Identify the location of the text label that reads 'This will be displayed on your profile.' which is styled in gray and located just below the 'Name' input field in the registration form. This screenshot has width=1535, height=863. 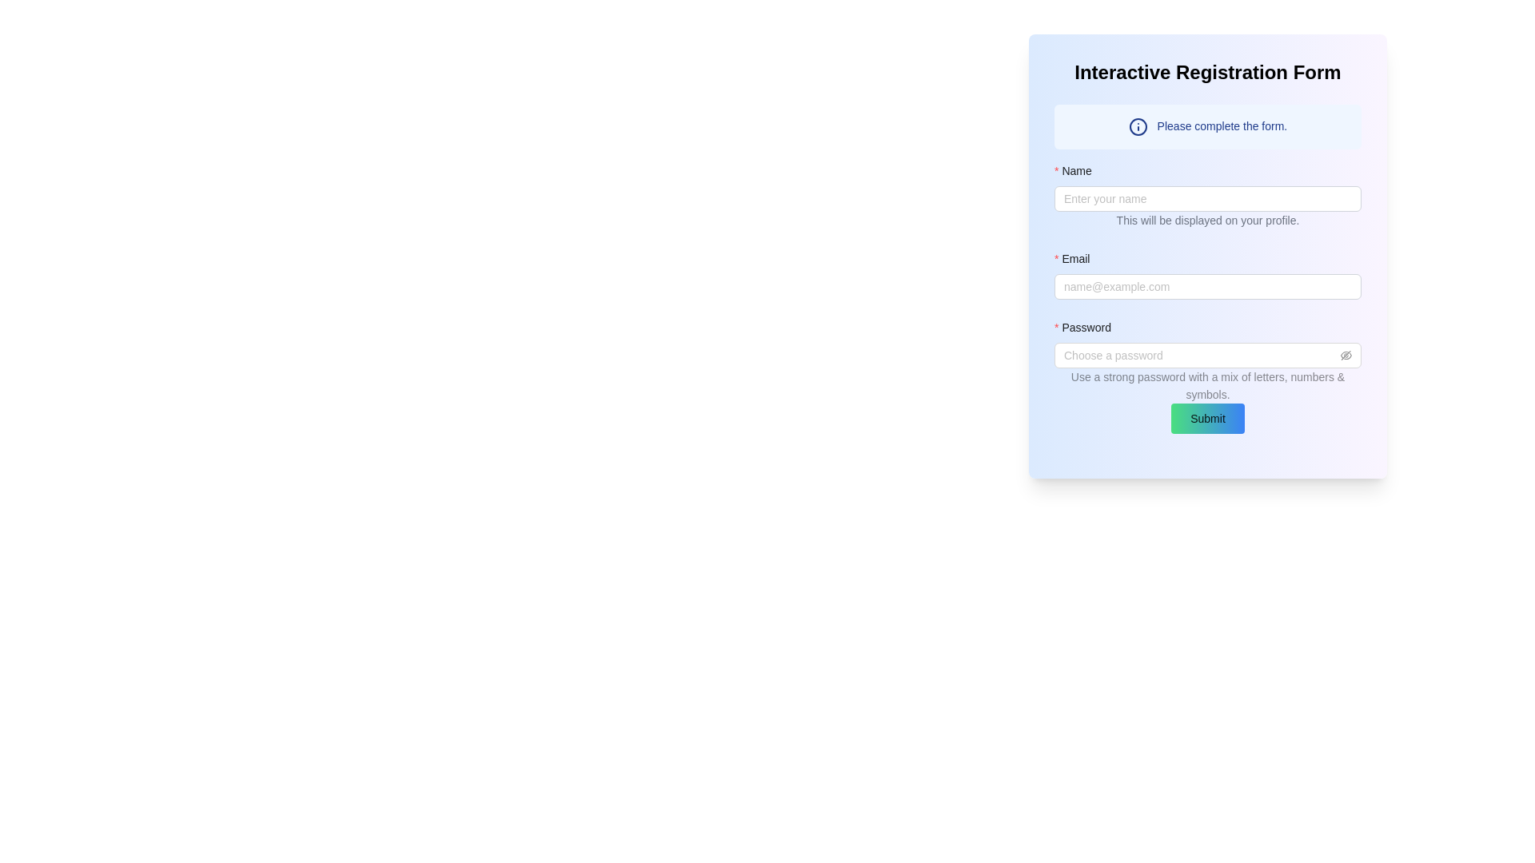
(1208, 221).